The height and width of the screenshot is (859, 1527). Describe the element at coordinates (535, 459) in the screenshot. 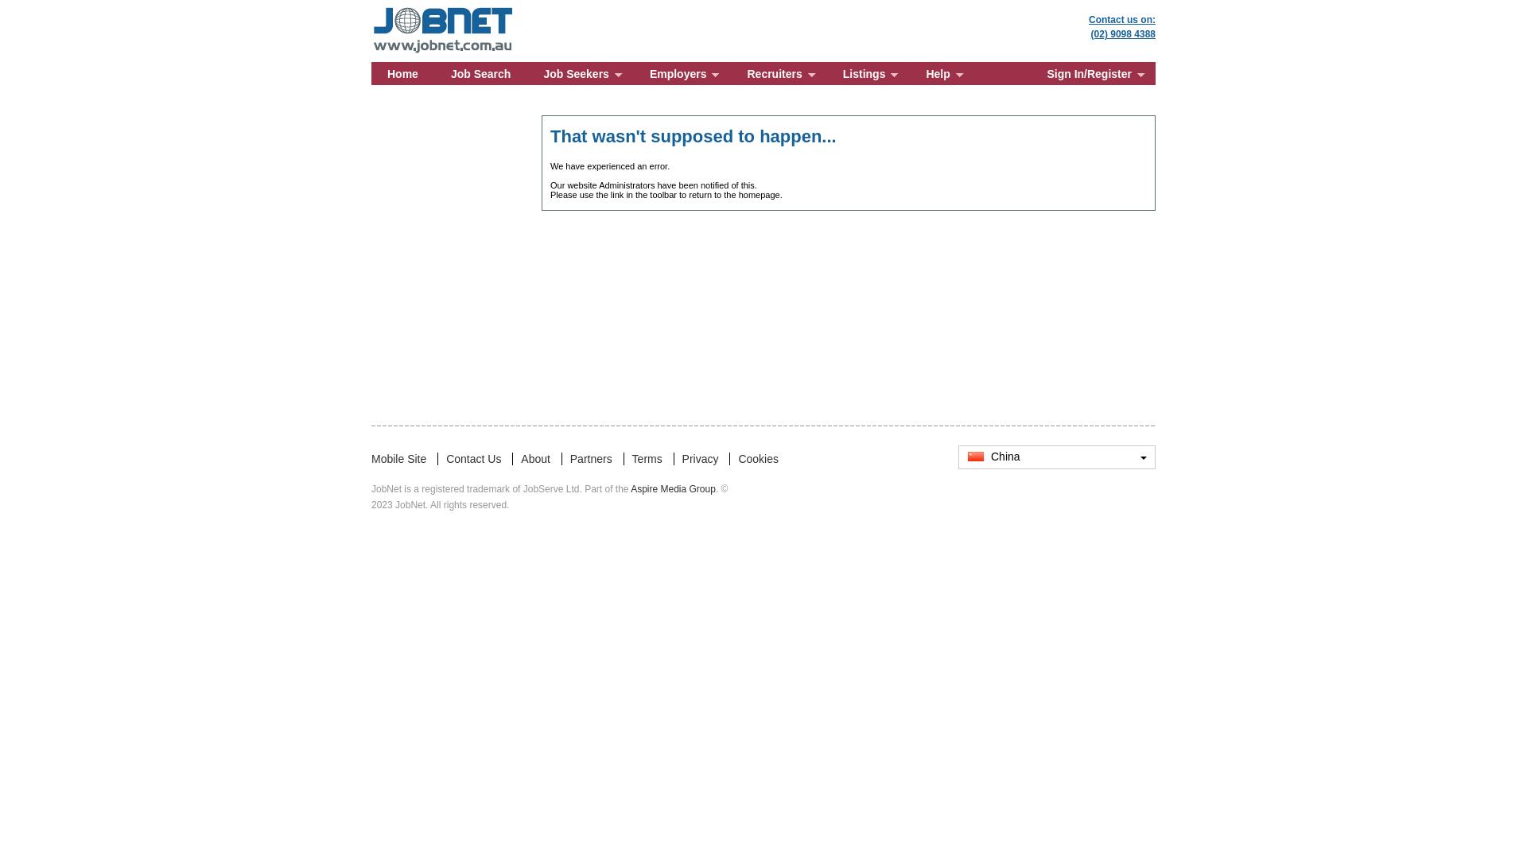

I see `'About'` at that location.